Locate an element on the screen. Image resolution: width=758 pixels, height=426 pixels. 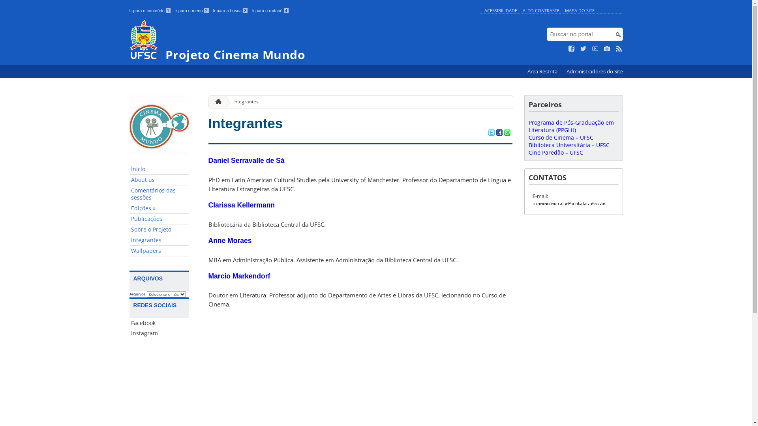
'Compartilhar no Twitter' is located at coordinates (490, 133).